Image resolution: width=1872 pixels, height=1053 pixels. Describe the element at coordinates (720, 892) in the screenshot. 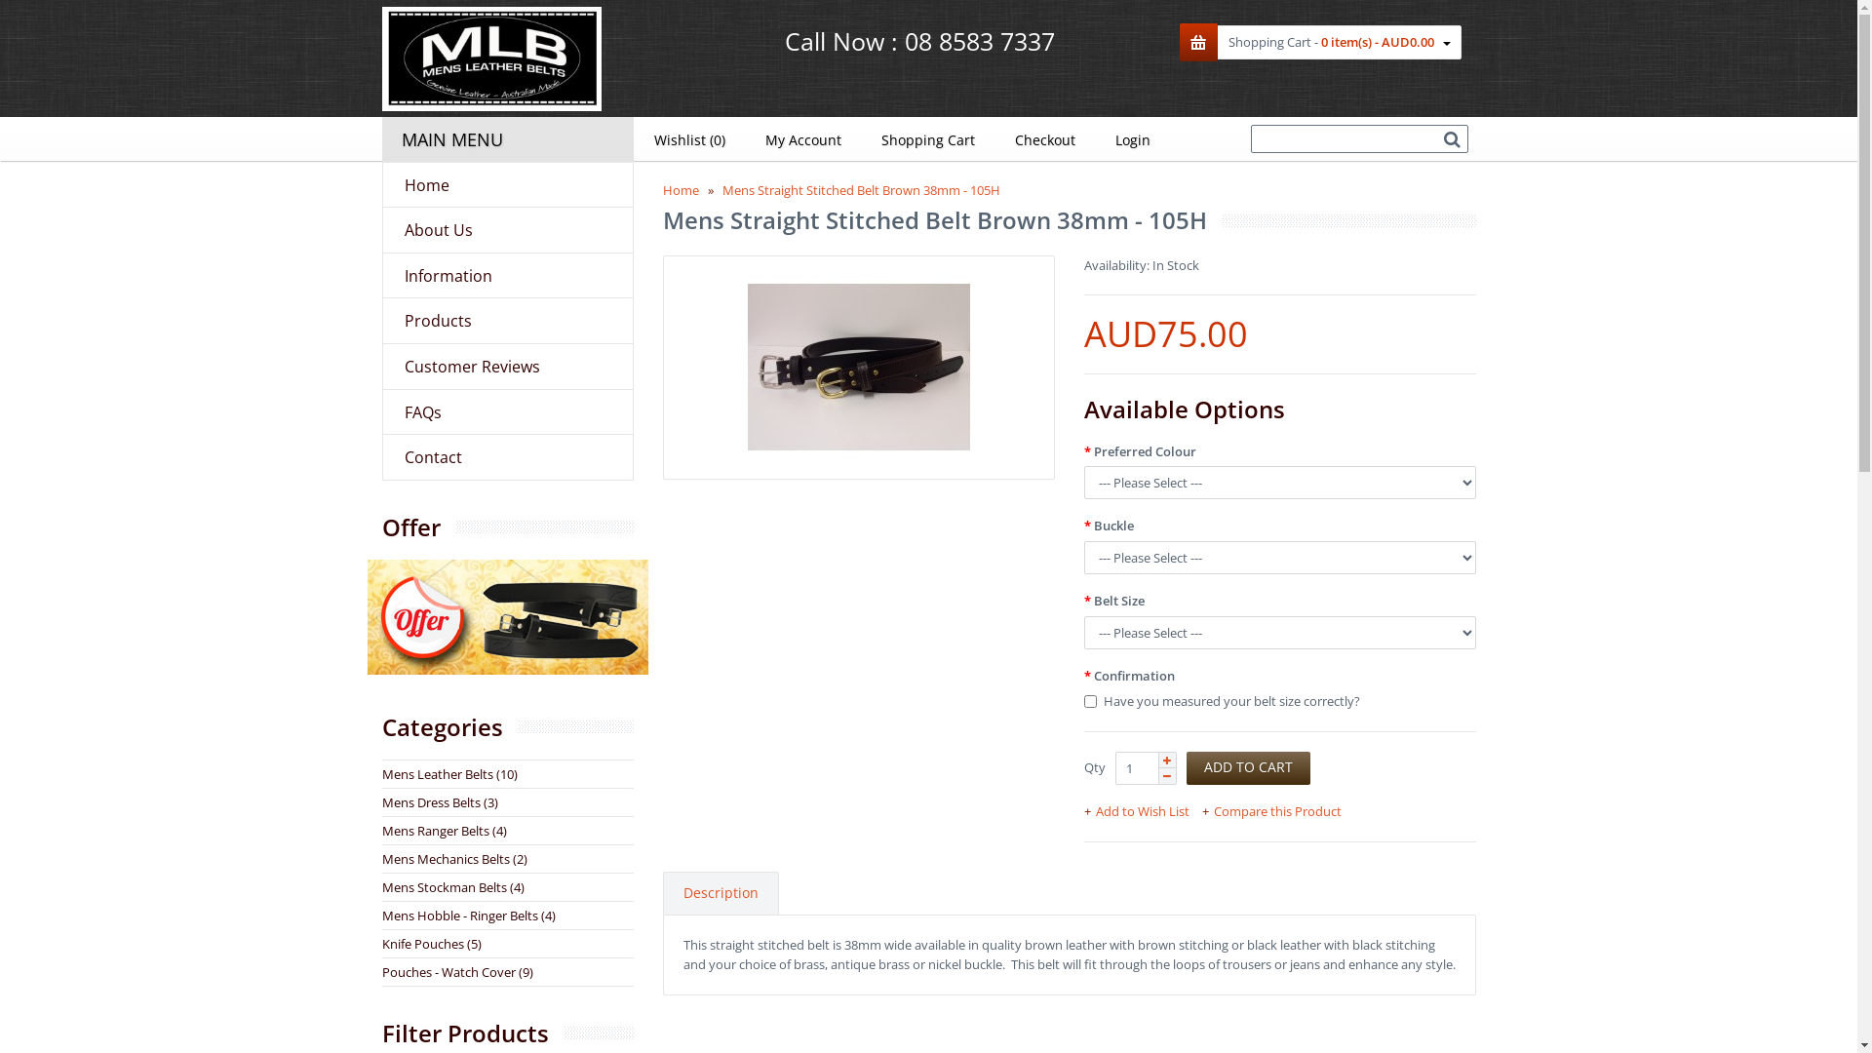

I see `'Description'` at that location.